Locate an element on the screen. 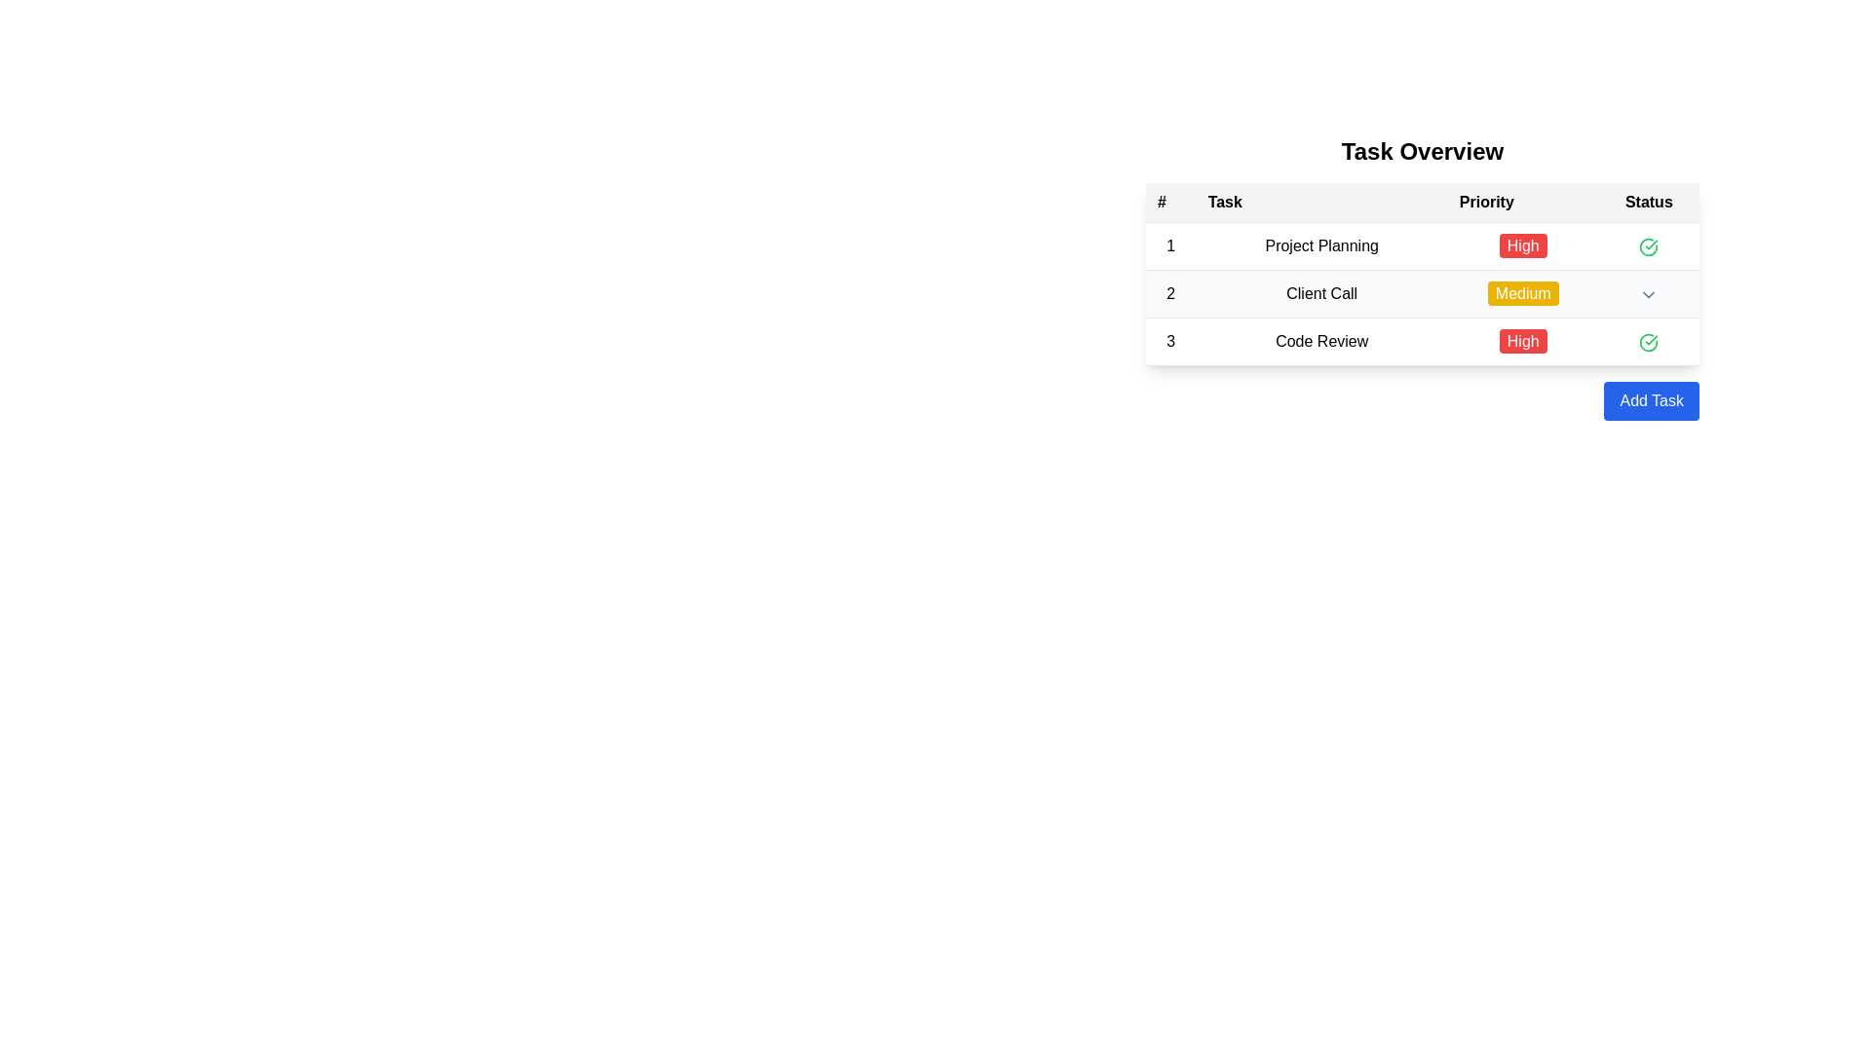 This screenshot has height=1052, width=1871. the 'High' priority label in the third row of the table for the task 'Code Review', which serves as a visual cue for the task's urgency is located at coordinates (1522, 341).